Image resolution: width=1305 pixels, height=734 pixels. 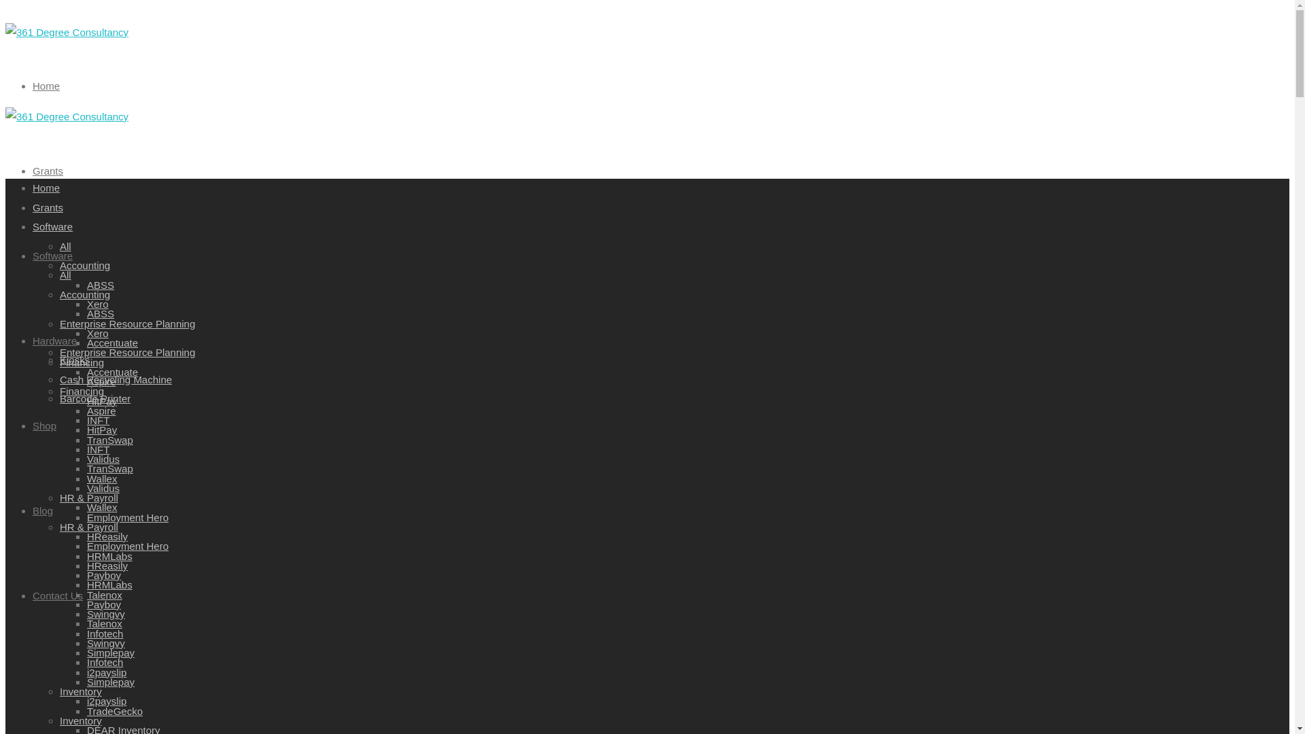 I want to click on 'HitPay', so click(x=86, y=400).